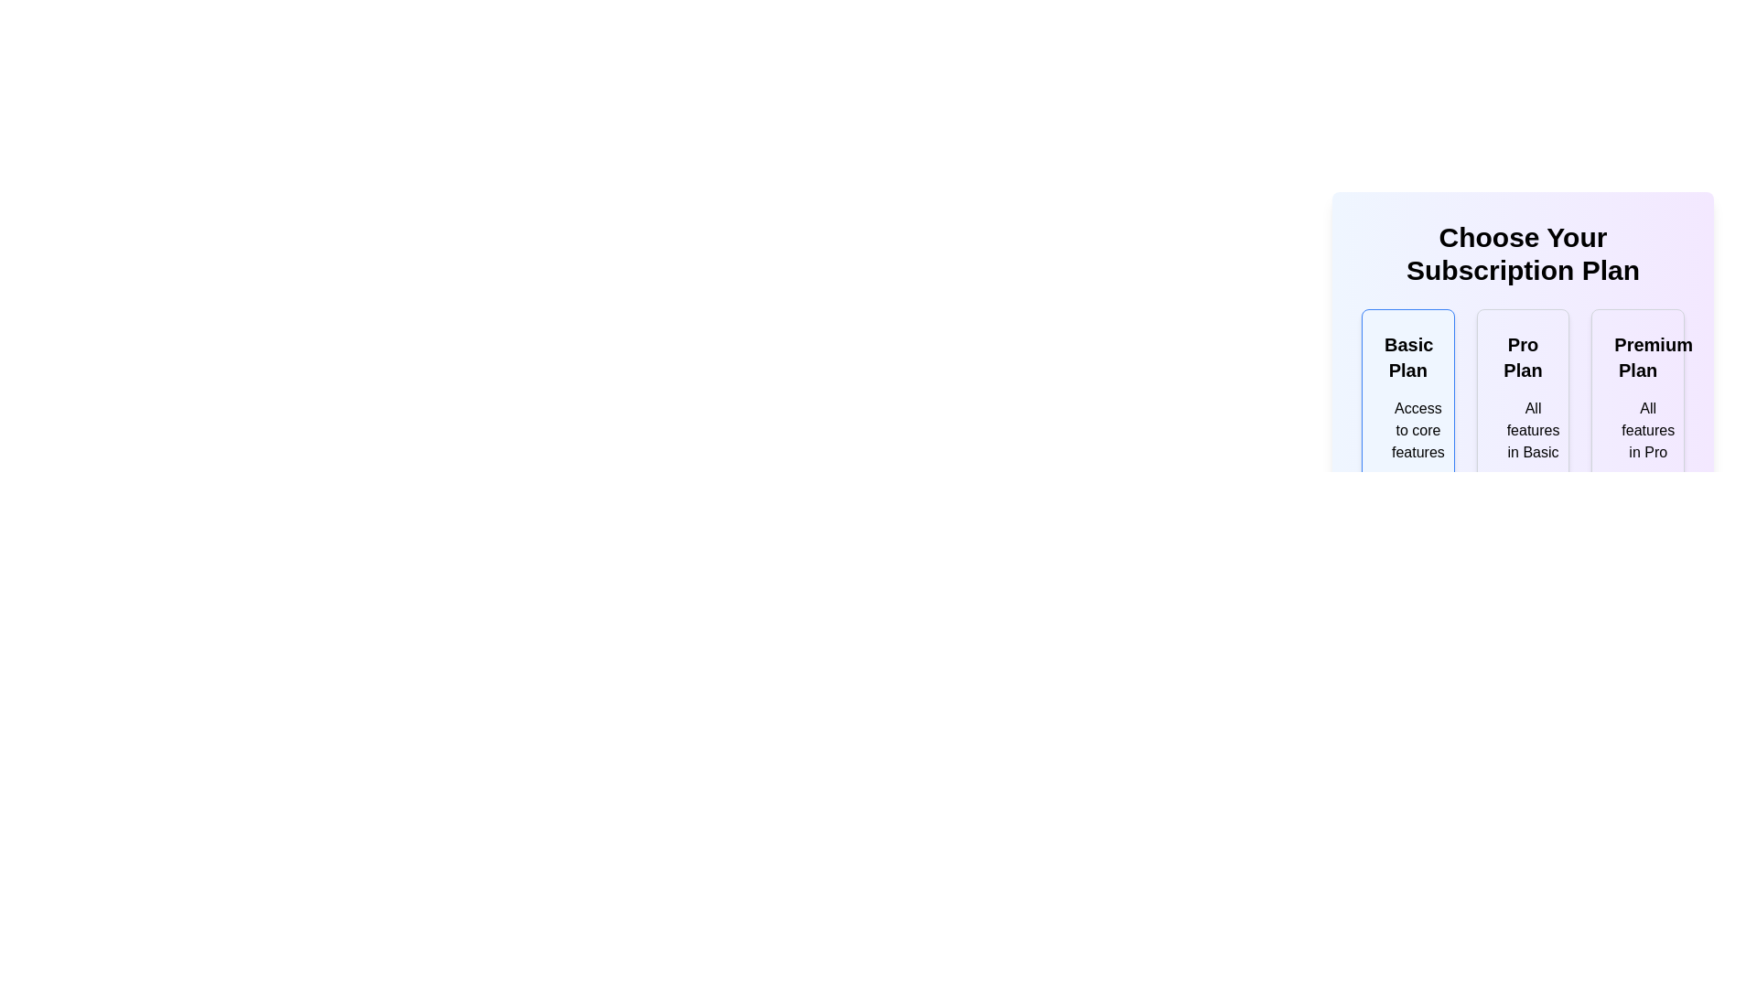 This screenshot has width=1757, height=988. I want to click on the text label with an icon indicator that conveys 'Access to core features' within the Basic Plan section, so click(1407, 430).